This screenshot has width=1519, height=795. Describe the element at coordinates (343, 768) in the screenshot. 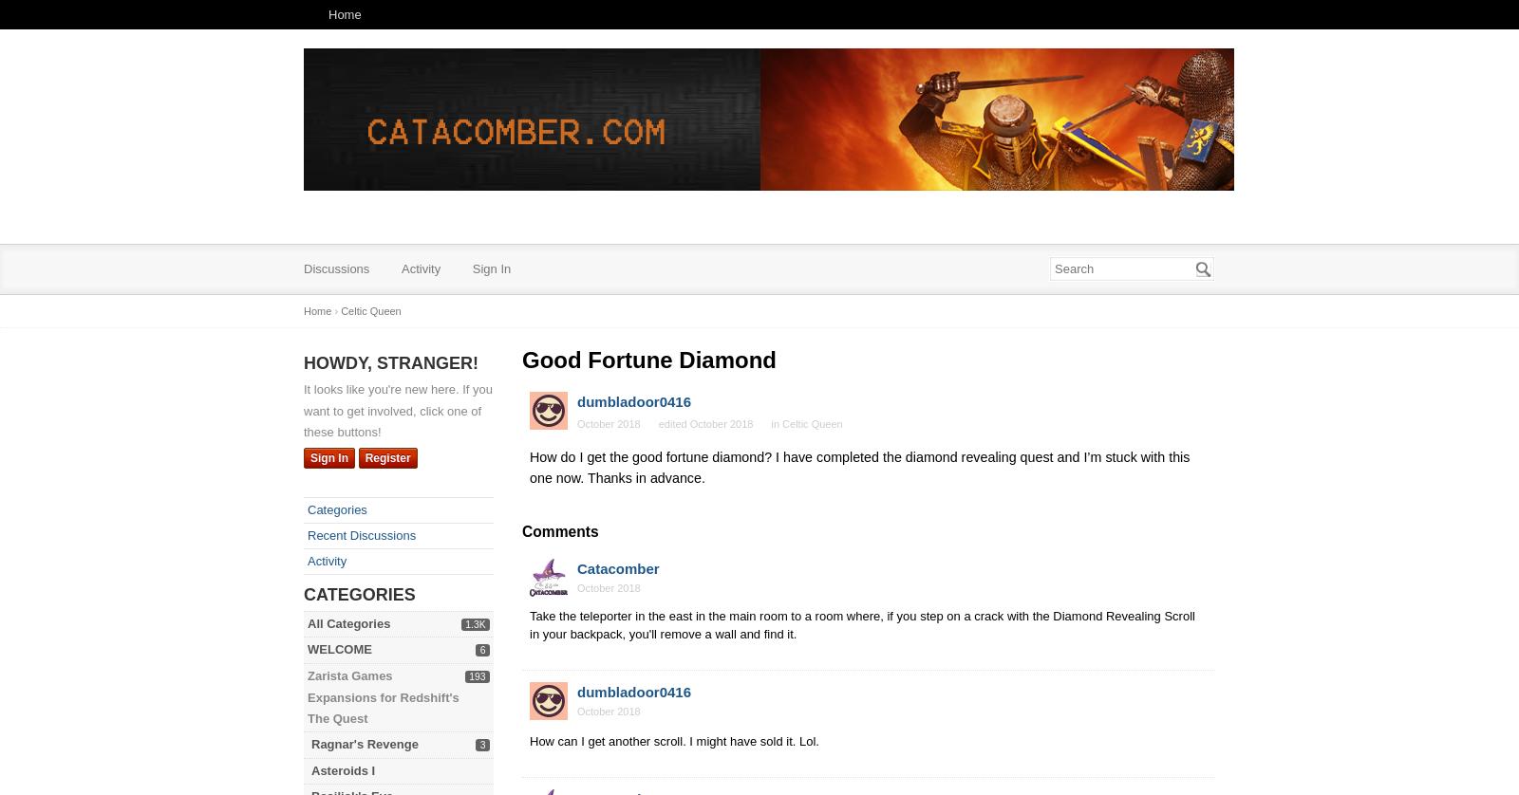

I see `'Asteroids I'` at that location.